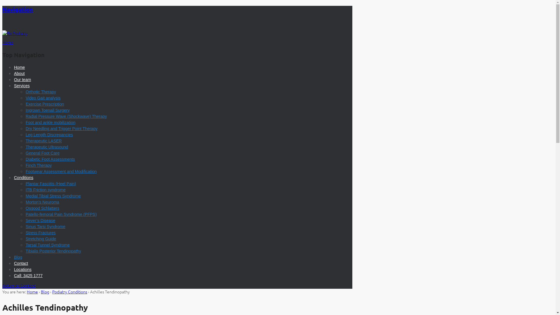 The image size is (560, 315). Describe the element at coordinates (40, 92) in the screenshot. I see `'Orthotic Therapy'` at that location.